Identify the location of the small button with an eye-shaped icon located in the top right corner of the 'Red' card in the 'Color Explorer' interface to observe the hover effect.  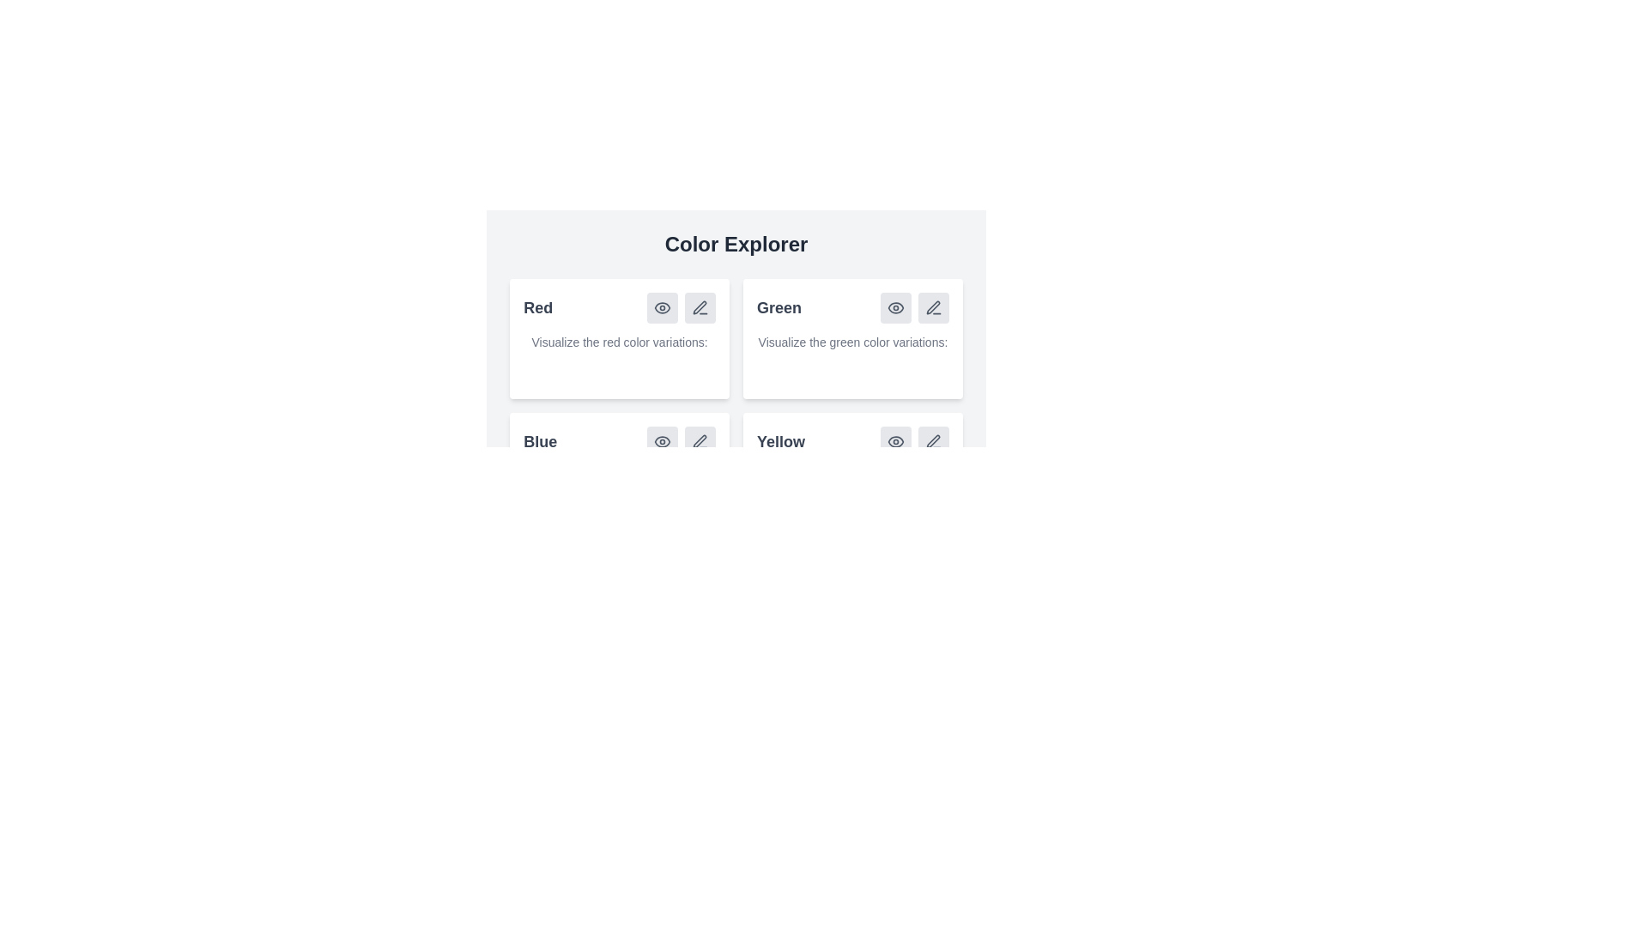
(662, 306).